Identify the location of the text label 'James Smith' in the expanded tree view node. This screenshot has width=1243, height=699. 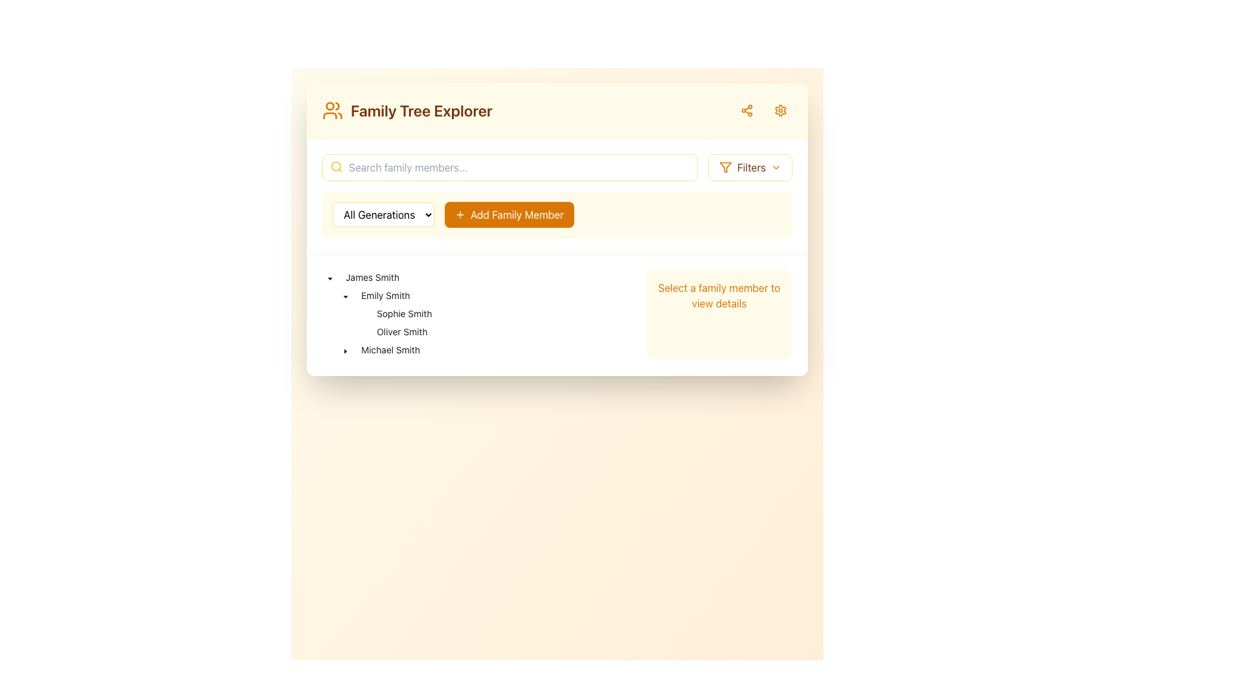
(372, 276).